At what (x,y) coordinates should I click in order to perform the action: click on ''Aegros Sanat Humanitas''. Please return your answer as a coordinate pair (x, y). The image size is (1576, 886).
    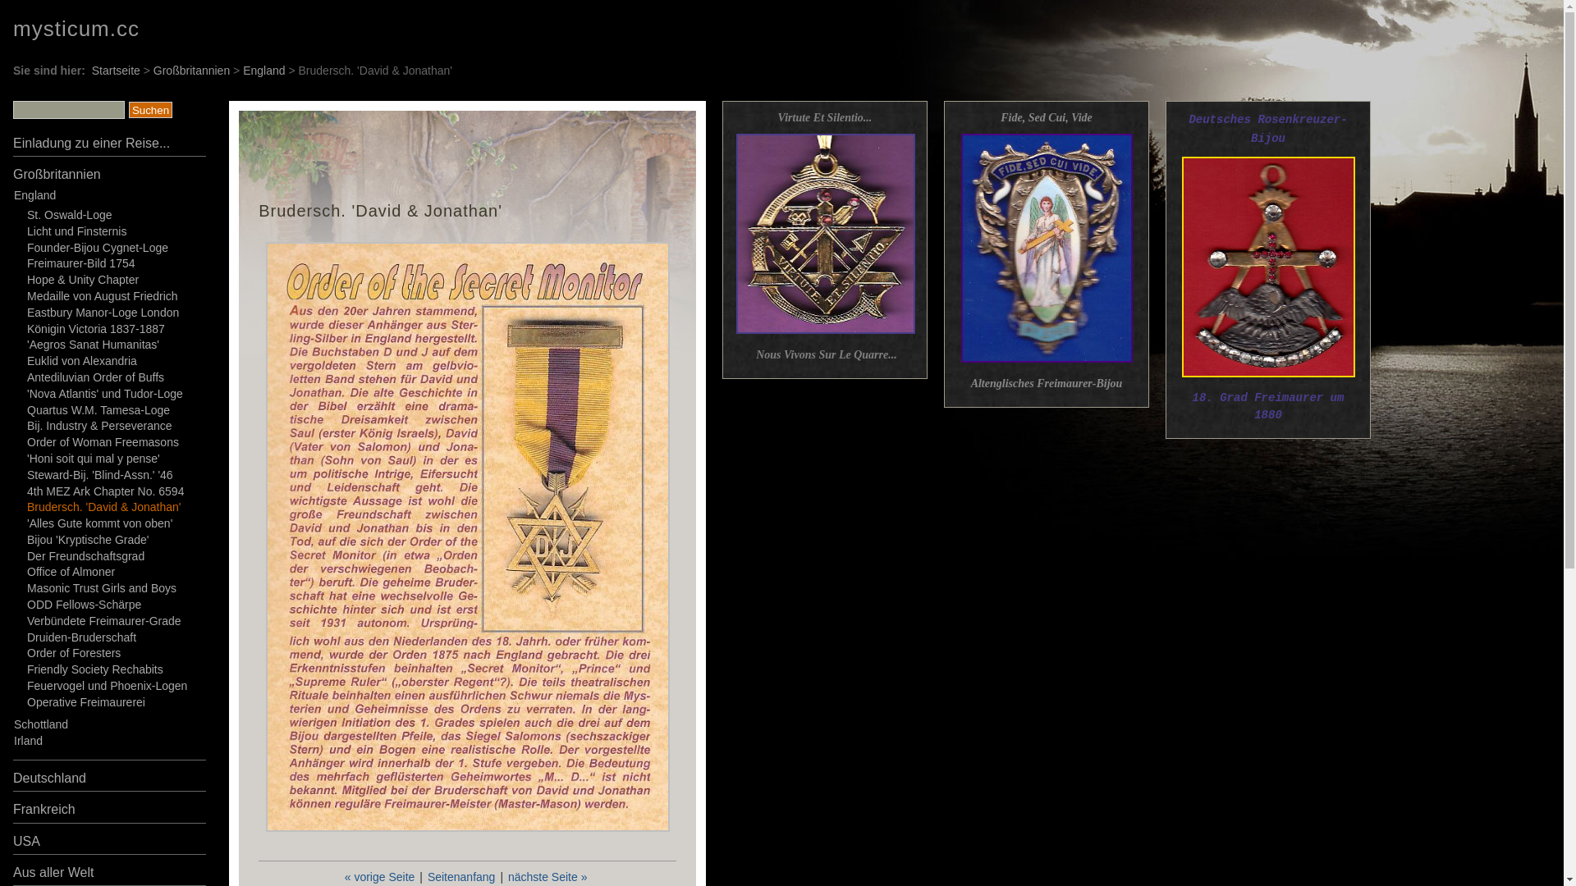
    Looking at the image, I should click on (92, 344).